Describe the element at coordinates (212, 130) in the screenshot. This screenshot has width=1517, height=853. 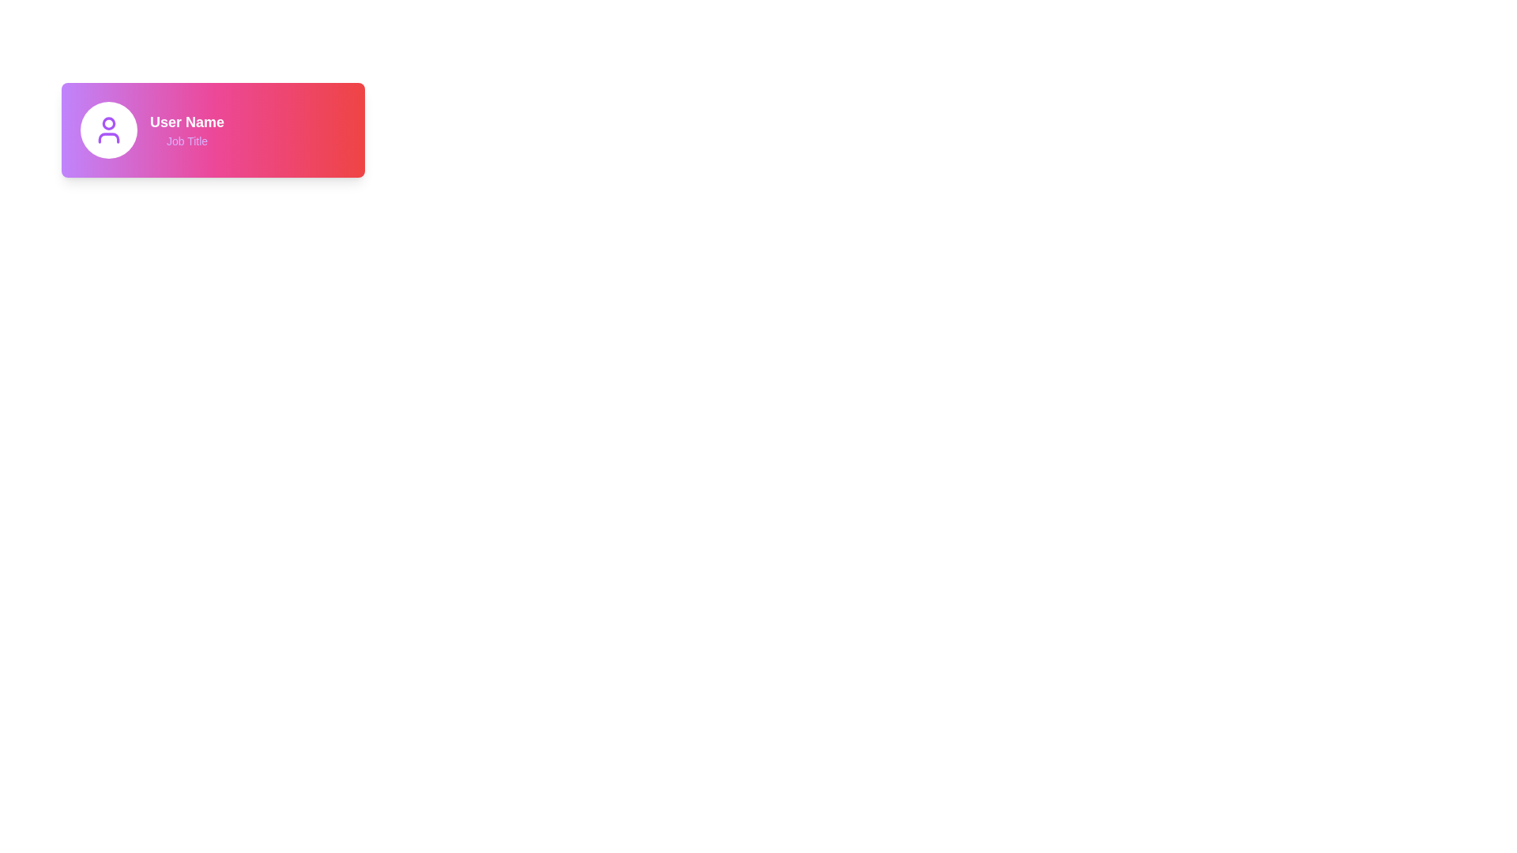
I see `the text in the Composite component that displays user information, including their name and title` at that location.